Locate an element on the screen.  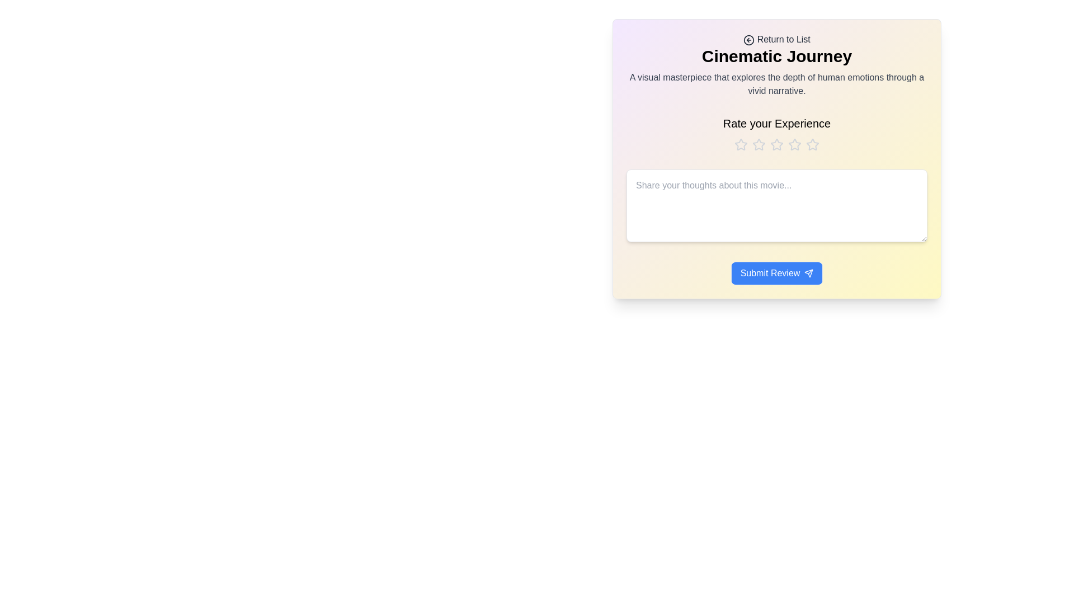
the first star-shaped icon in the star rating component is located at coordinates (741, 144).